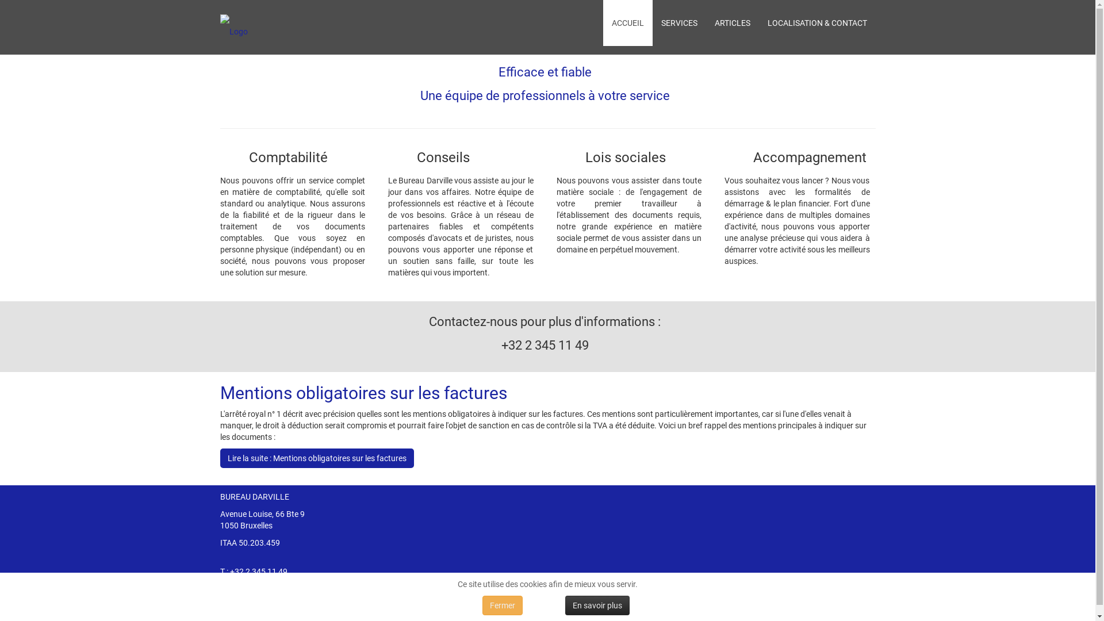 Image resolution: width=1104 pixels, height=621 pixels. What do you see at coordinates (316, 458) in the screenshot?
I see `'Lire la suite : Mentions obligatoires sur les factures'` at bounding box center [316, 458].